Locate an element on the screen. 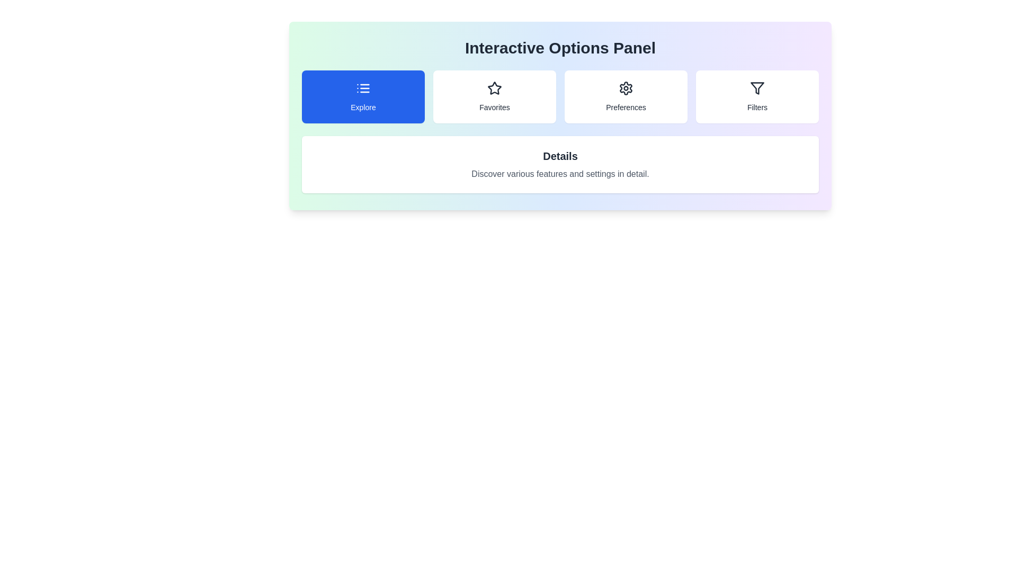 This screenshot has width=1017, height=572. outlined star icon used for indicating favorites, located above the label 'Favorites', at the specified coordinates is located at coordinates (494, 87).